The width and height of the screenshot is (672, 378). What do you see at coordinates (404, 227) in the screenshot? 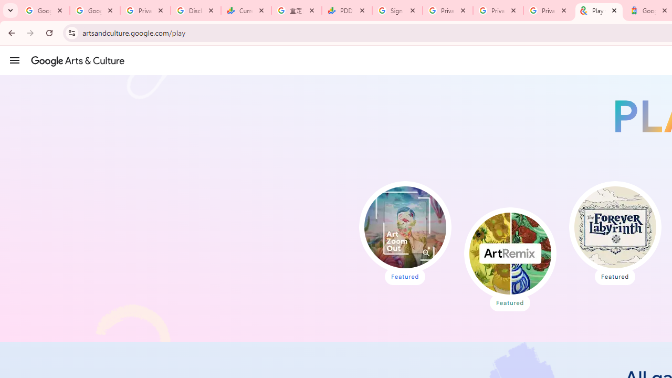
I see `'Art Zoom Out'` at bounding box center [404, 227].